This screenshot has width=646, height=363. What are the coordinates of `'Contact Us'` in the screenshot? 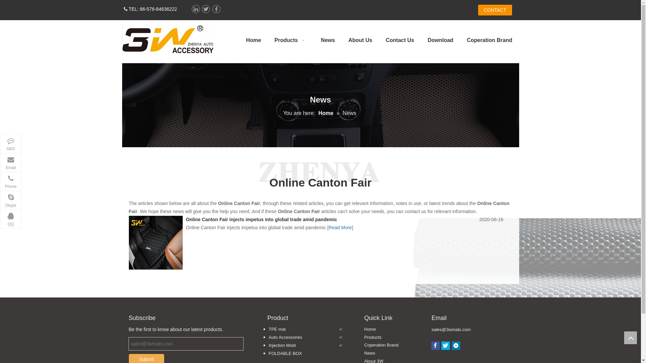 It's located at (379, 40).